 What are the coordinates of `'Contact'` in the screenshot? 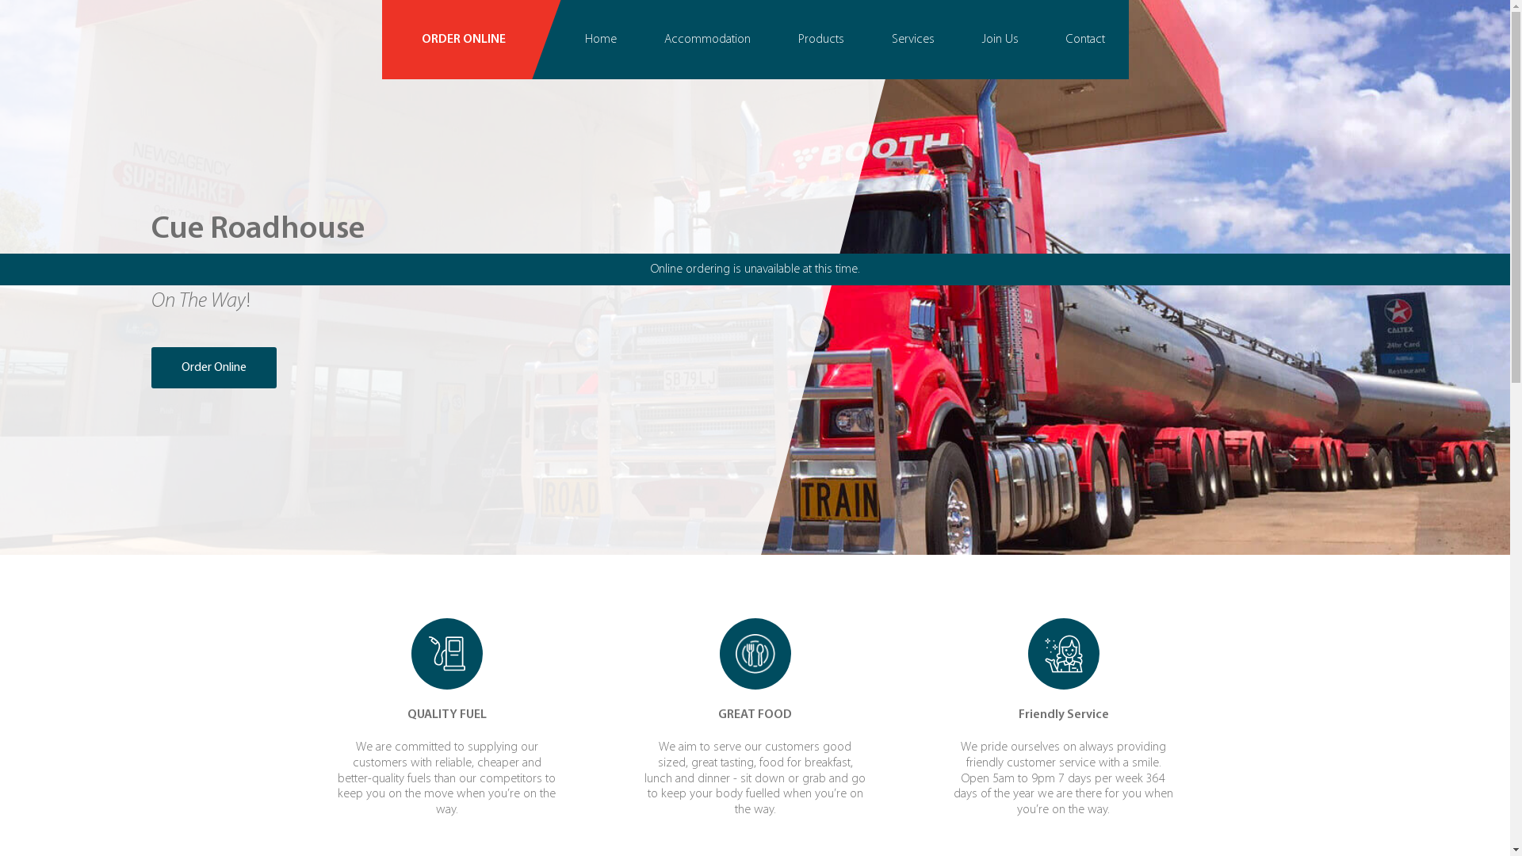 It's located at (1042, 39).